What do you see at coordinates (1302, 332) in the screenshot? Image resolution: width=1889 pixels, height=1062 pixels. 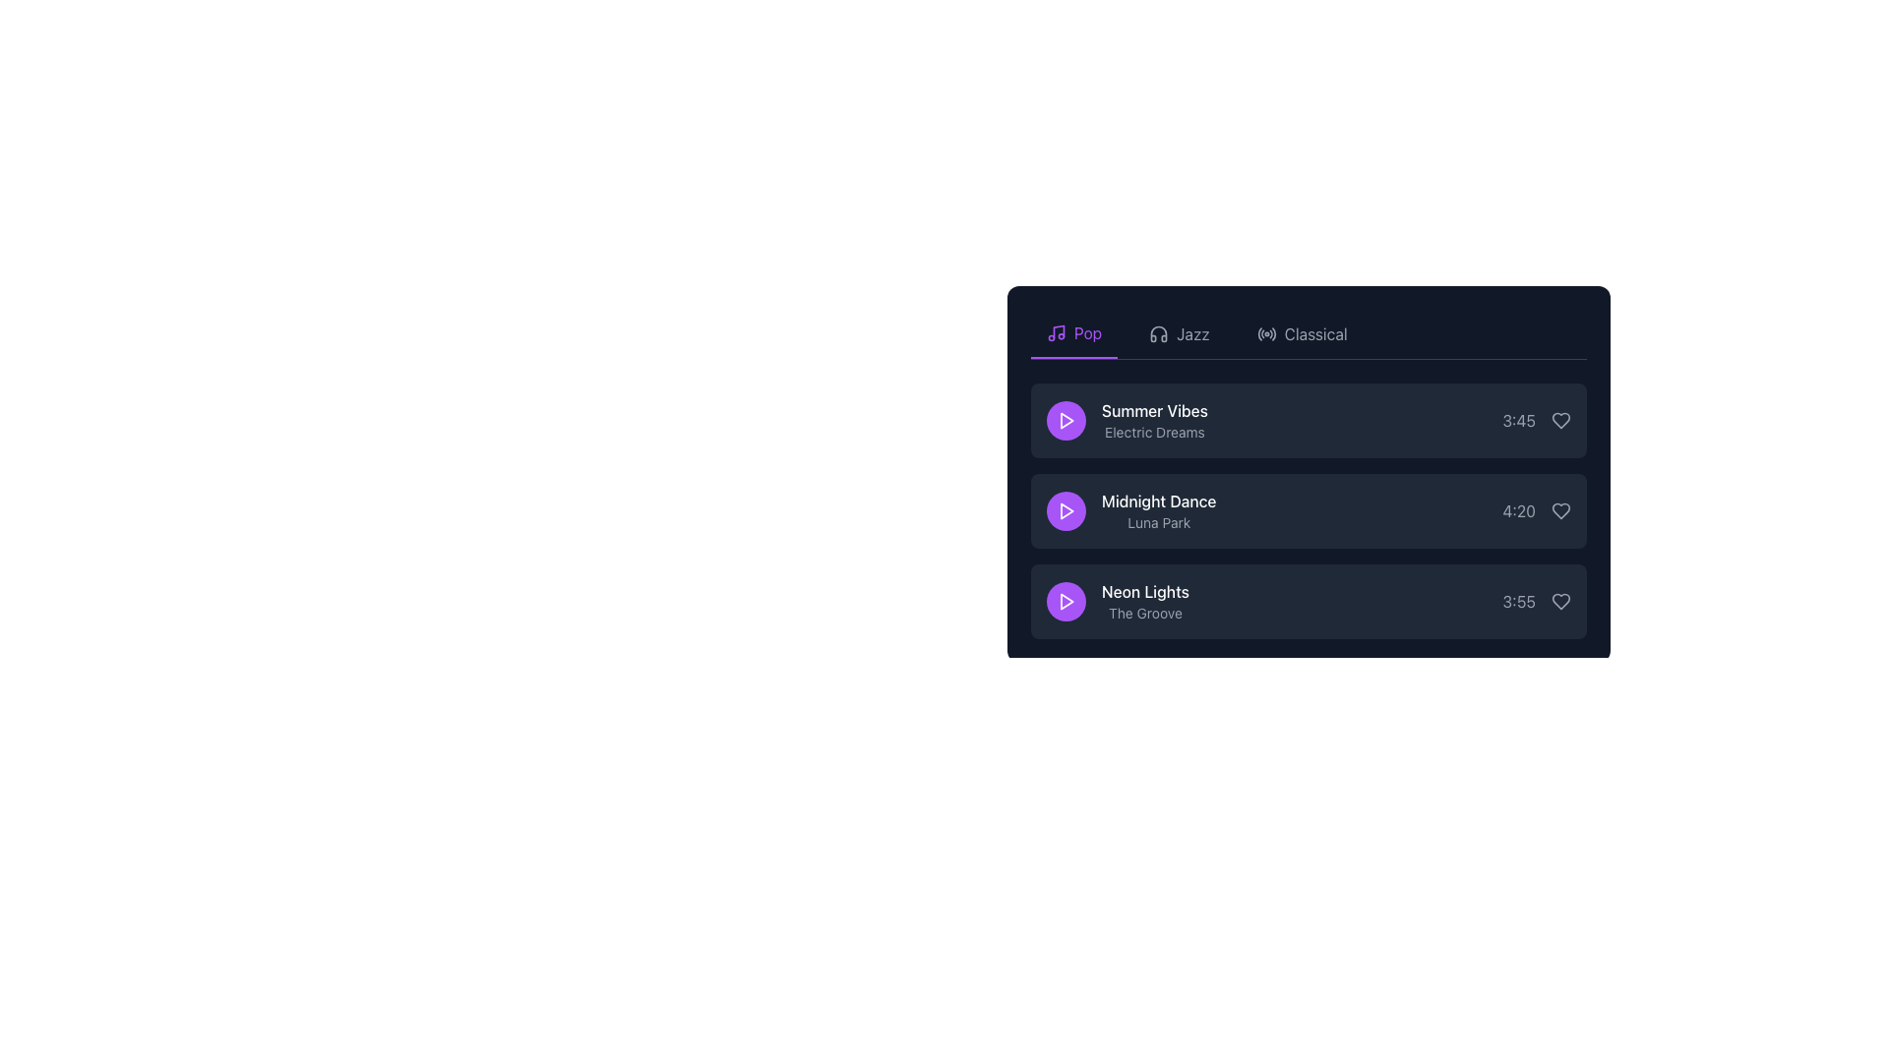 I see `the 'Classical' music category button, which is the third tab in the row of tabs located at the top section of the interface` at bounding box center [1302, 332].